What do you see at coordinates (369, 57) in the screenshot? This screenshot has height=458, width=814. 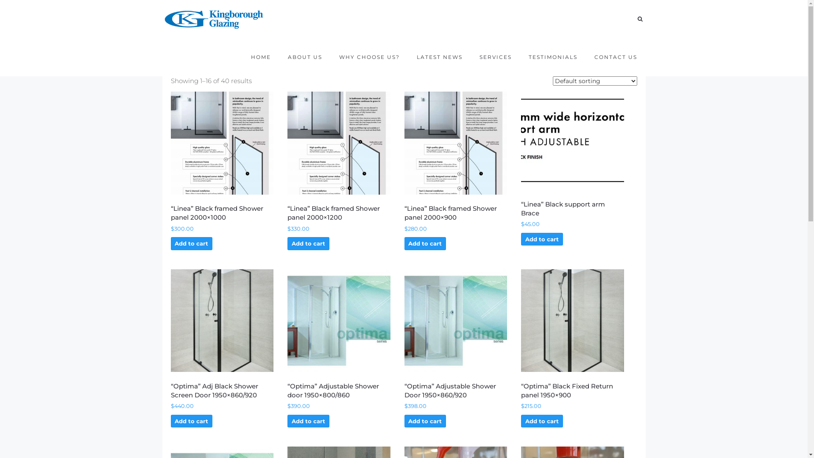 I see `'WHY CHOOSE US?'` at bounding box center [369, 57].